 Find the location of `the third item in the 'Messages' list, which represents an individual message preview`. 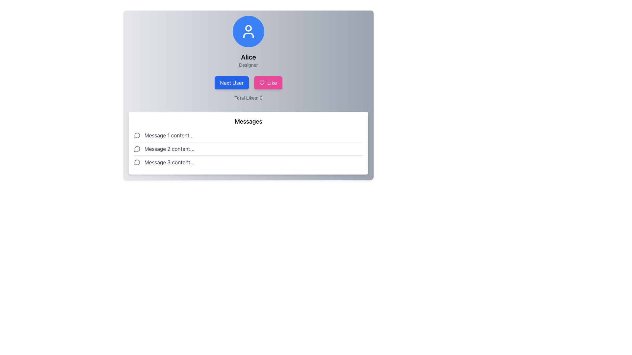

the third item in the 'Messages' list, which represents an individual message preview is located at coordinates (248, 162).